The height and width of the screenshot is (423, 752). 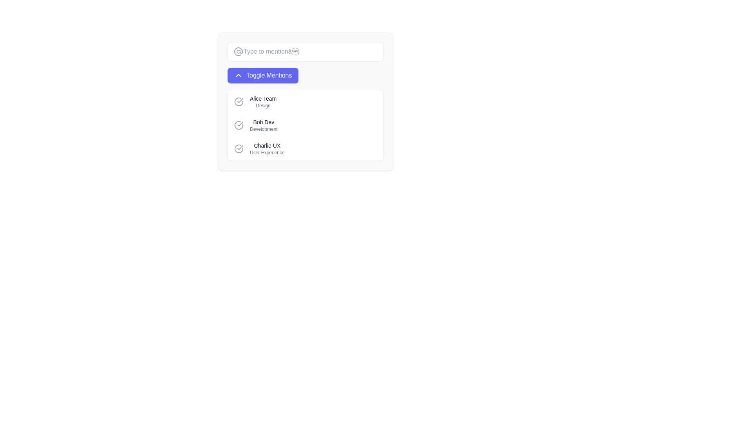 I want to click on the status or selection indicator icon located to the left of the name 'Bob Dev Development' in the second list item of the dropdown, so click(x=238, y=125).